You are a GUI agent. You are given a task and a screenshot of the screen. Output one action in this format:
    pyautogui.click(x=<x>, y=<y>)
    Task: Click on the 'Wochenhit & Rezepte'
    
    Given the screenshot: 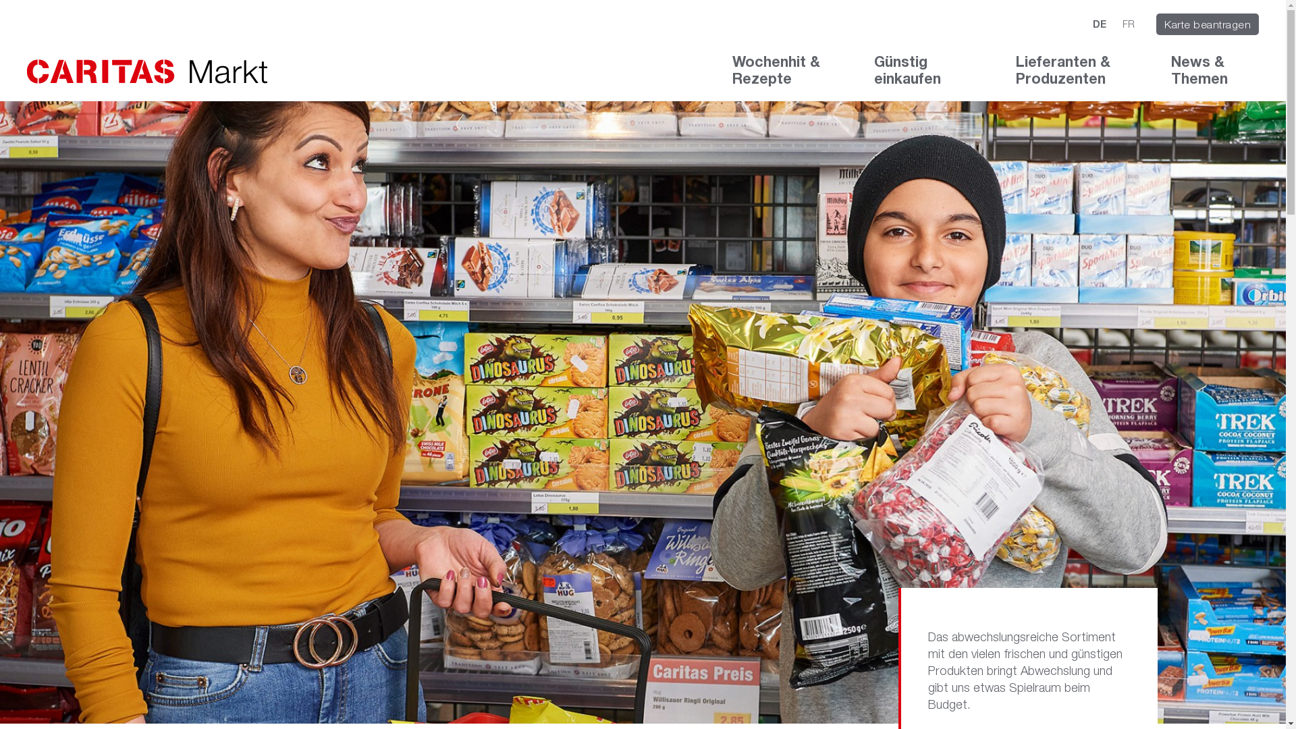 What is the action you would take?
    pyautogui.click(x=783, y=77)
    